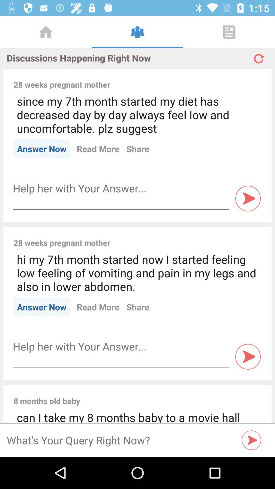  Describe the element at coordinates (137, 416) in the screenshot. I see `can i take item` at that location.